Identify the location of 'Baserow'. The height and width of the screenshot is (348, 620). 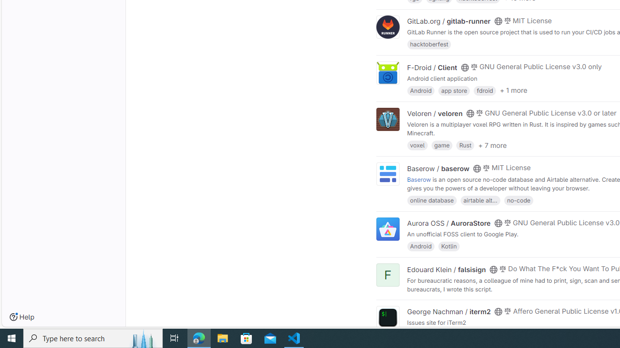
(418, 179).